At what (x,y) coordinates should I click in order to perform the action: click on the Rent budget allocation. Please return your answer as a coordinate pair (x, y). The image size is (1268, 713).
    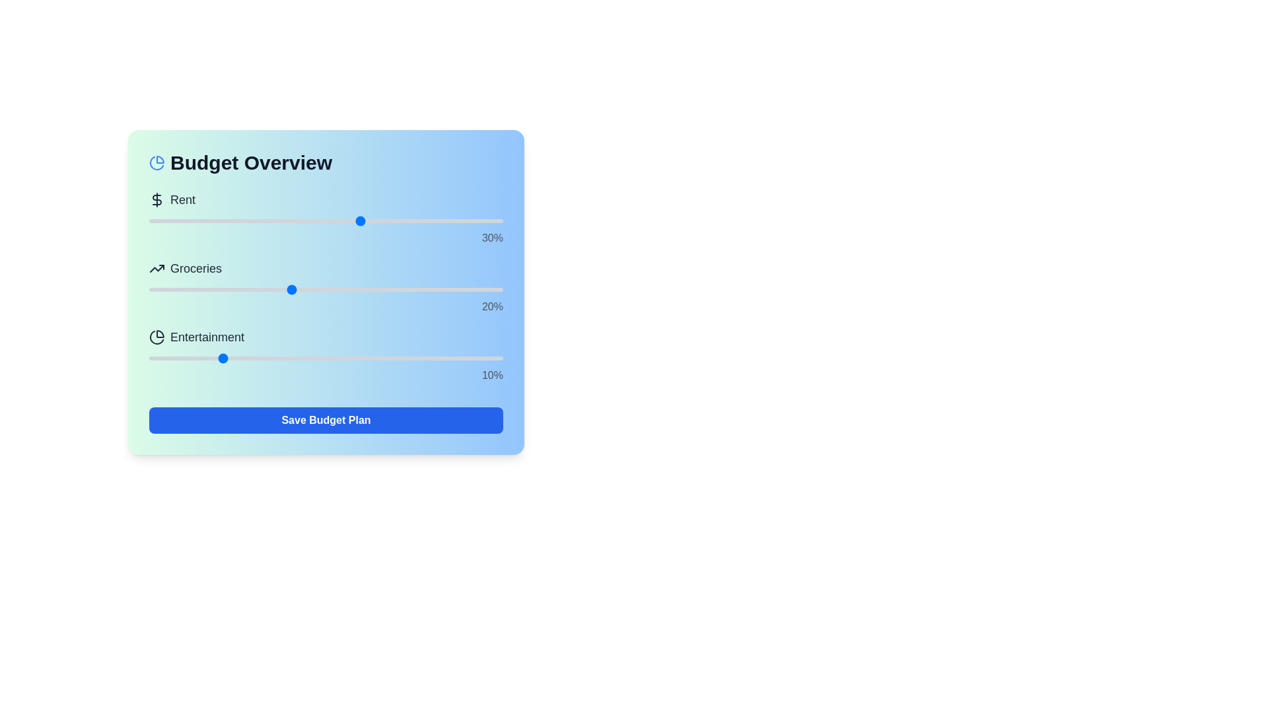
    Looking at the image, I should click on (220, 221).